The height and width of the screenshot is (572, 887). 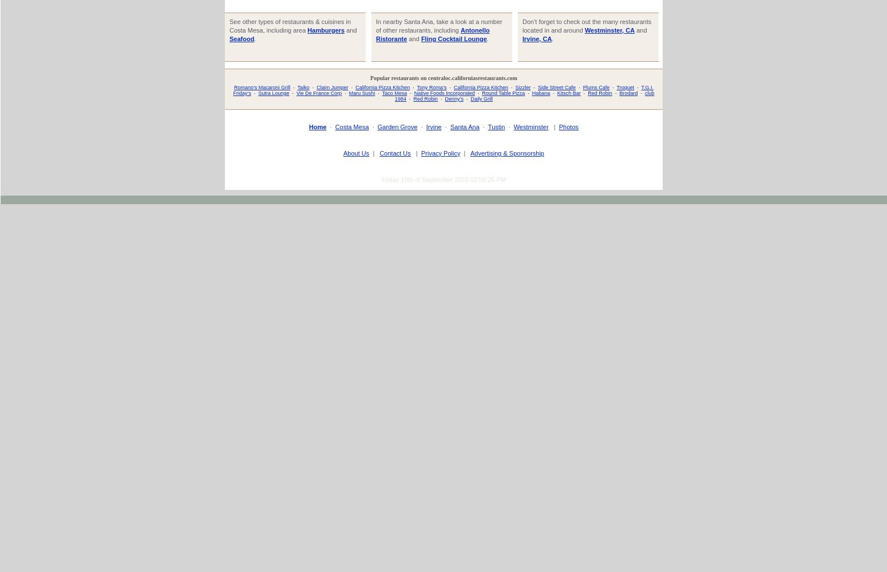 What do you see at coordinates (326, 30) in the screenshot?
I see `'Hamburgers'` at bounding box center [326, 30].